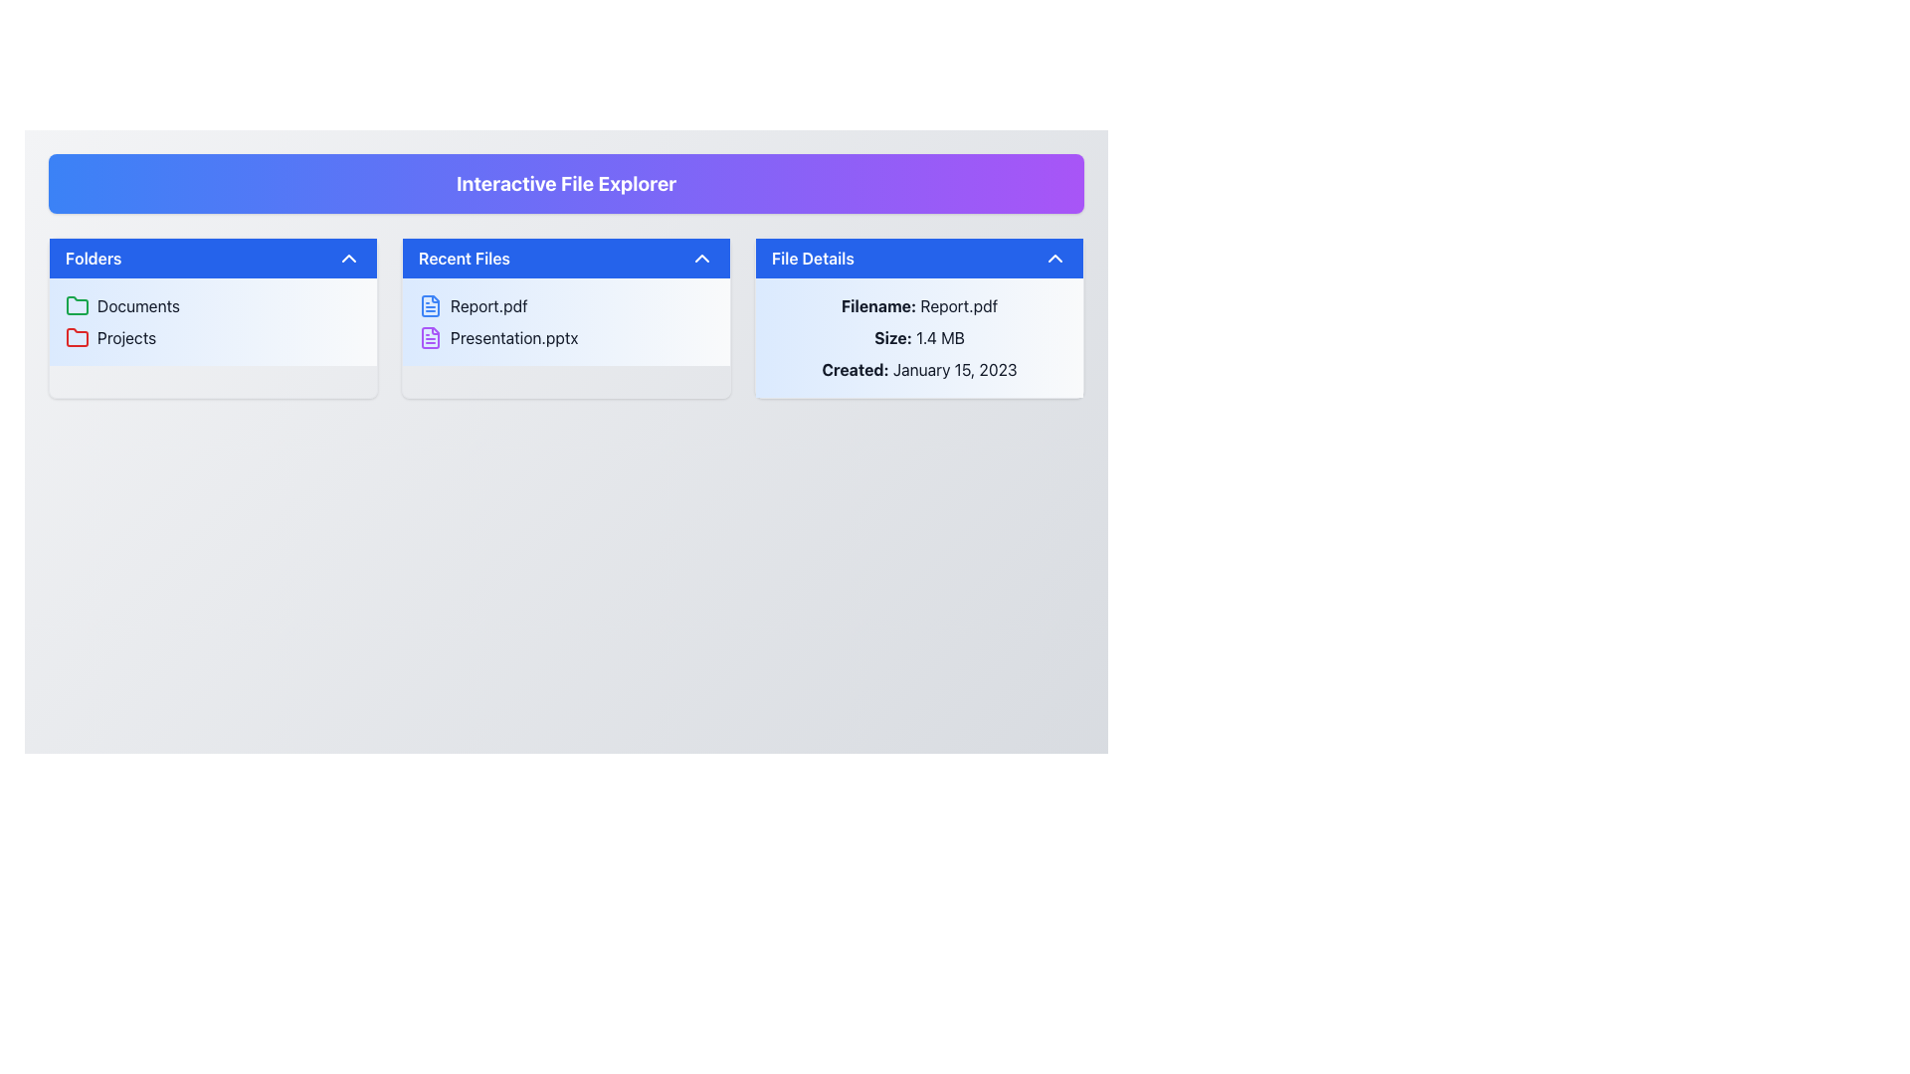 This screenshot has height=1074, width=1910. I want to click on the chevron icon located to the right of the 'Recent Files' title, so click(701, 257).